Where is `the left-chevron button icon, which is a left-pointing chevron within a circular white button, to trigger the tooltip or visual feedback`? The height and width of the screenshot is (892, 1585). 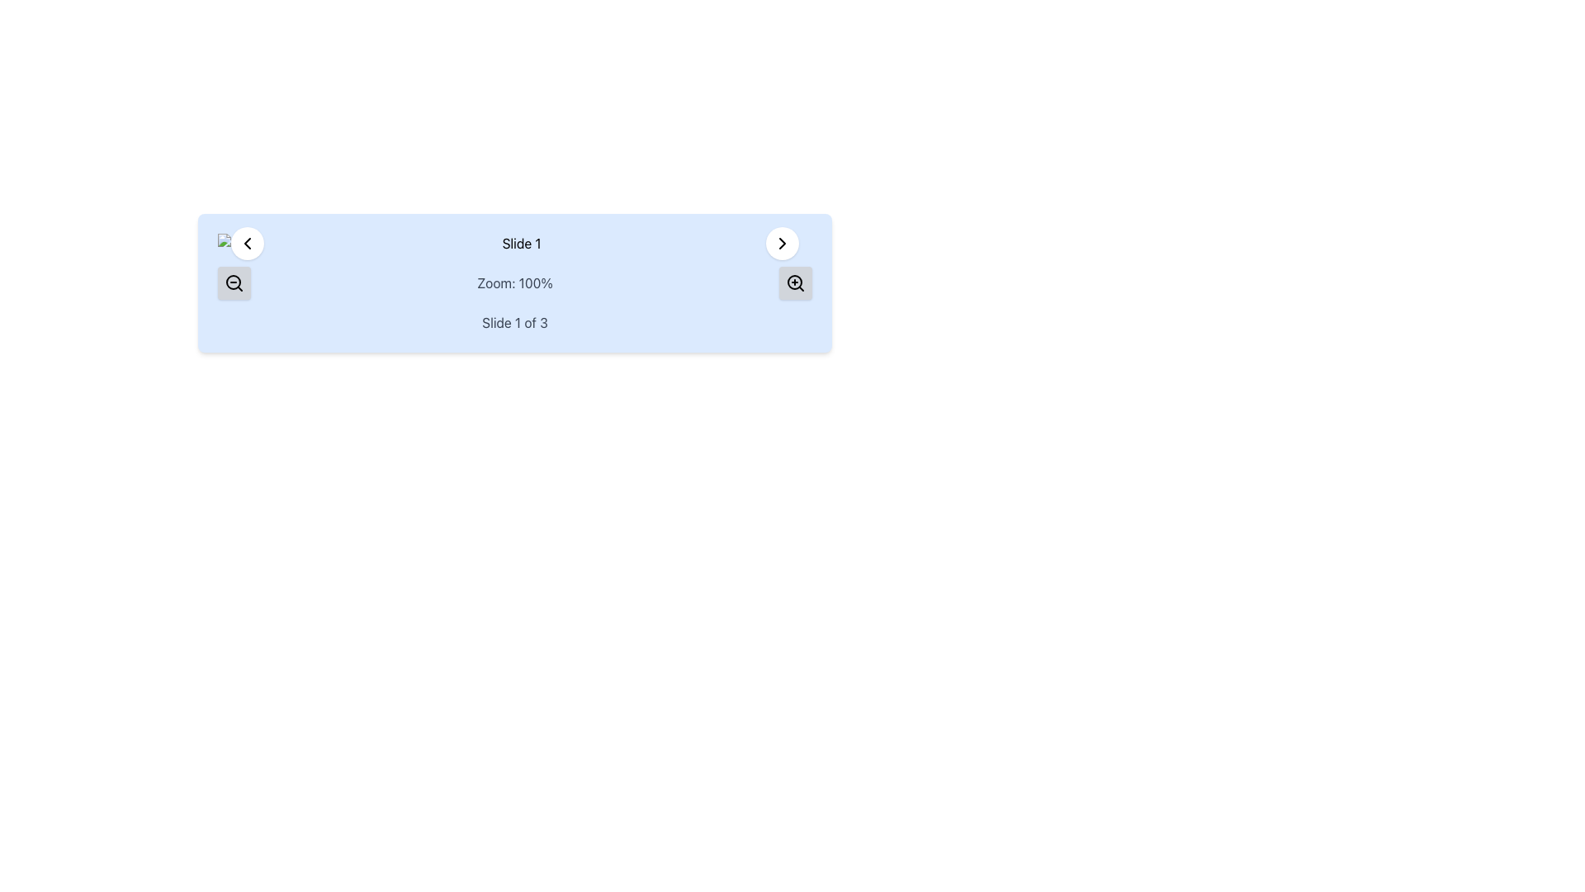
the left-chevron button icon, which is a left-pointing chevron within a circular white button, to trigger the tooltip or visual feedback is located at coordinates (246, 243).